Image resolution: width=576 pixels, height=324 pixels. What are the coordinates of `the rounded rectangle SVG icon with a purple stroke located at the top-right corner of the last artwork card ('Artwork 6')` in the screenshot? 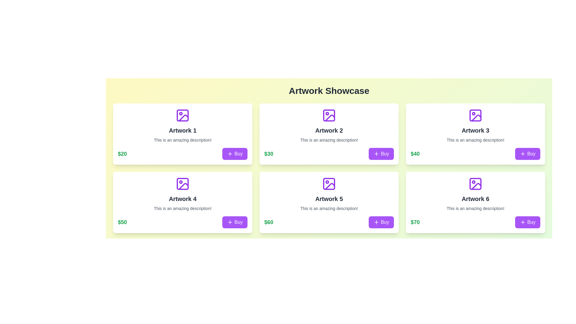 It's located at (475, 184).